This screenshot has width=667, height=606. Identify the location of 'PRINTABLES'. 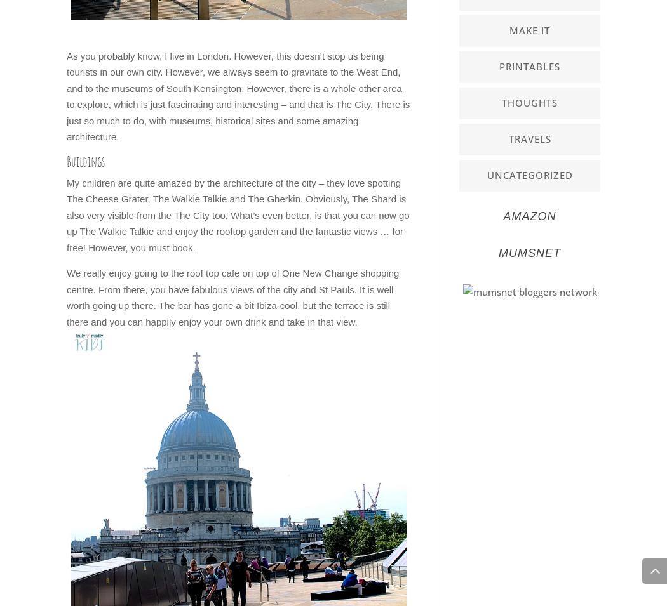
(530, 65).